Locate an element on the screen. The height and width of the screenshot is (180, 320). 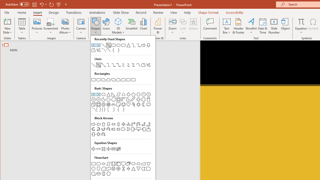
'Equation' is located at coordinates (301, 21).